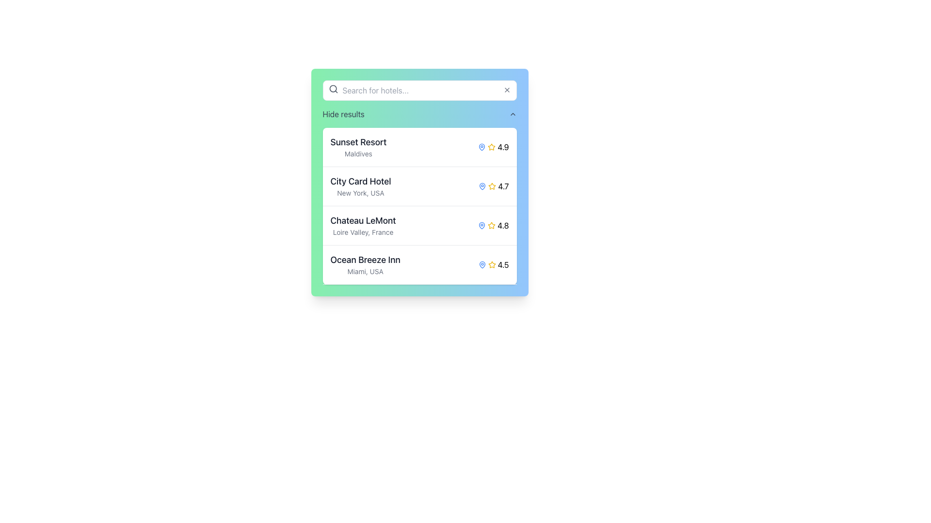  Describe the element at coordinates (492, 226) in the screenshot. I see `the yellow star icon representing 'Chateau LeMont' located in the third row, adjacent to the rating text '4.8'` at that location.